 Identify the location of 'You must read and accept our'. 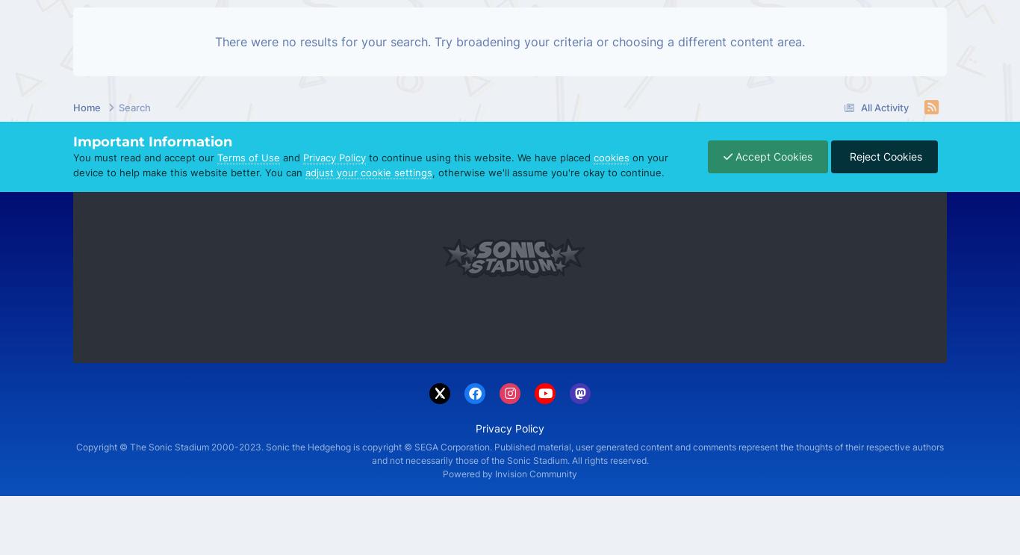
(144, 157).